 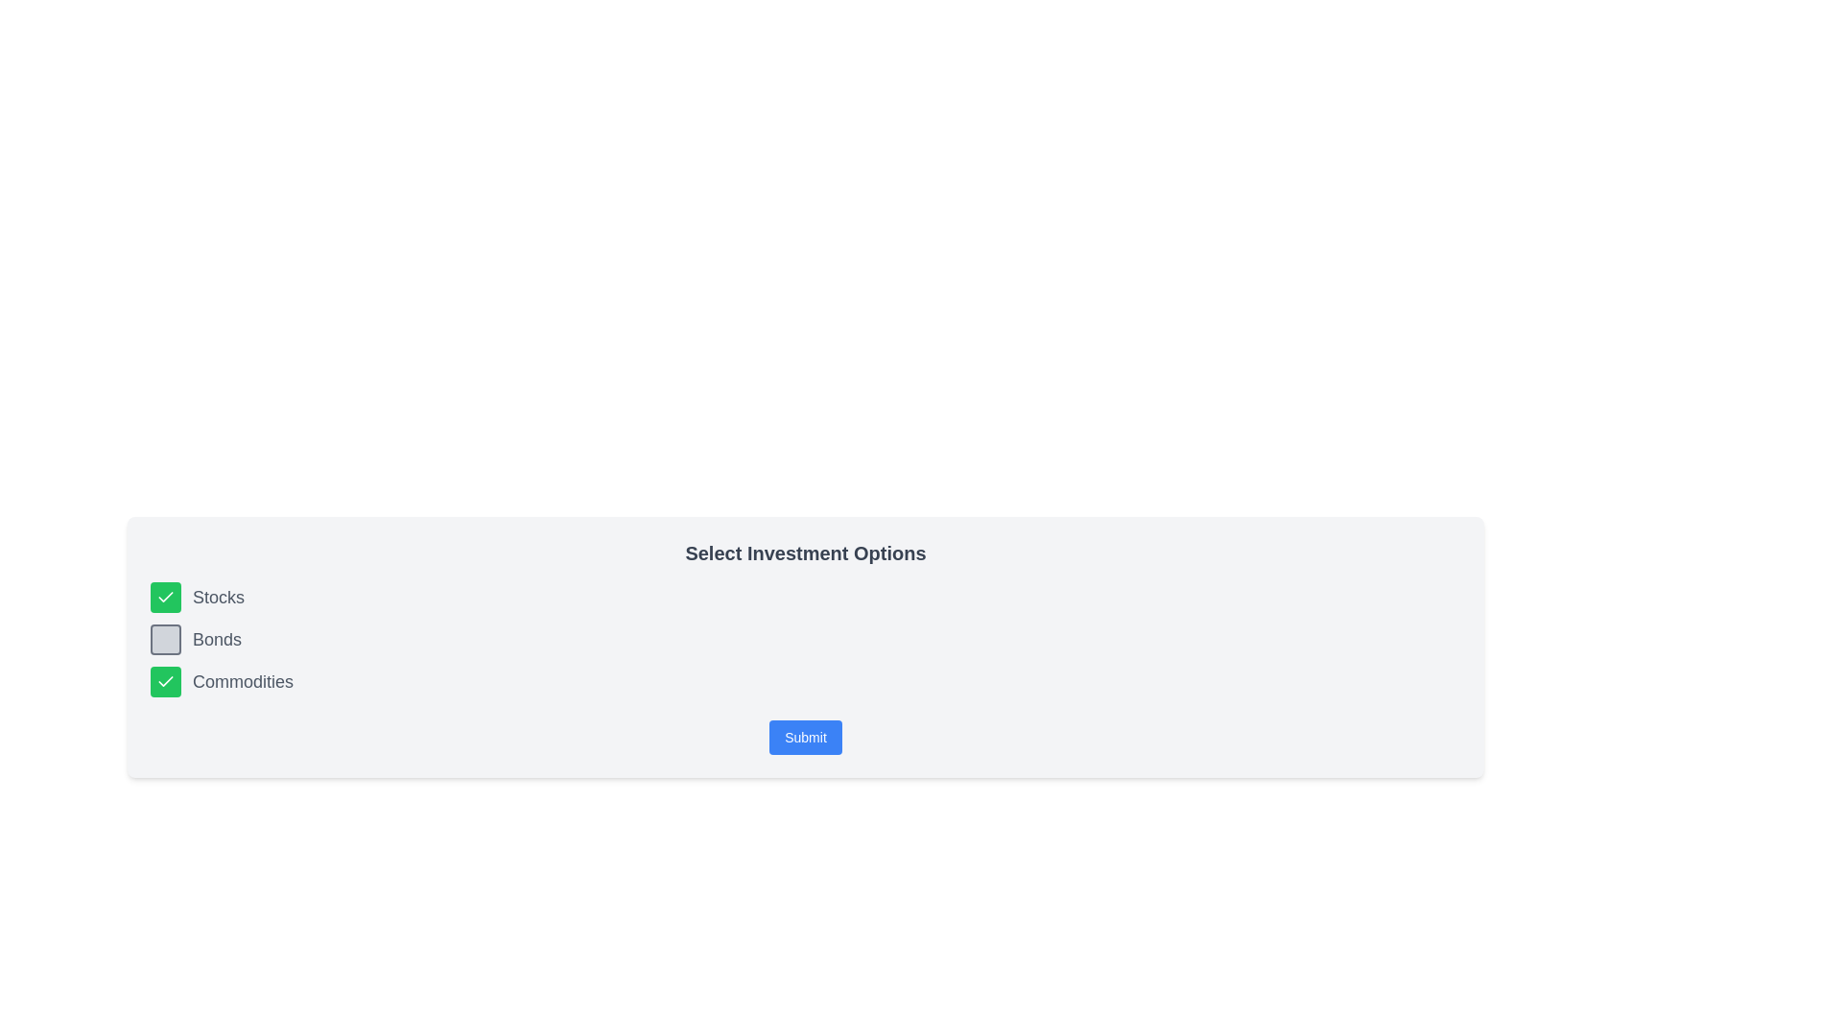 I want to click on the text label displaying 'Bonds' which is medium gray and part of a vertical list of options, positioned next to a checkbox, so click(x=217, y=640).